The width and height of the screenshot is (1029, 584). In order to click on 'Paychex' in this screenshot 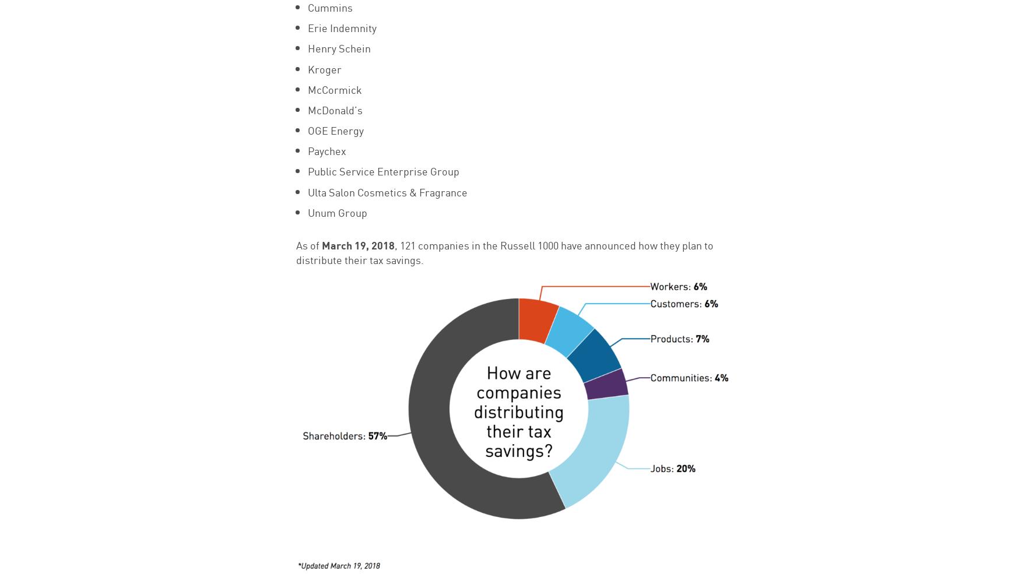, I will do `click(326, 150)`.